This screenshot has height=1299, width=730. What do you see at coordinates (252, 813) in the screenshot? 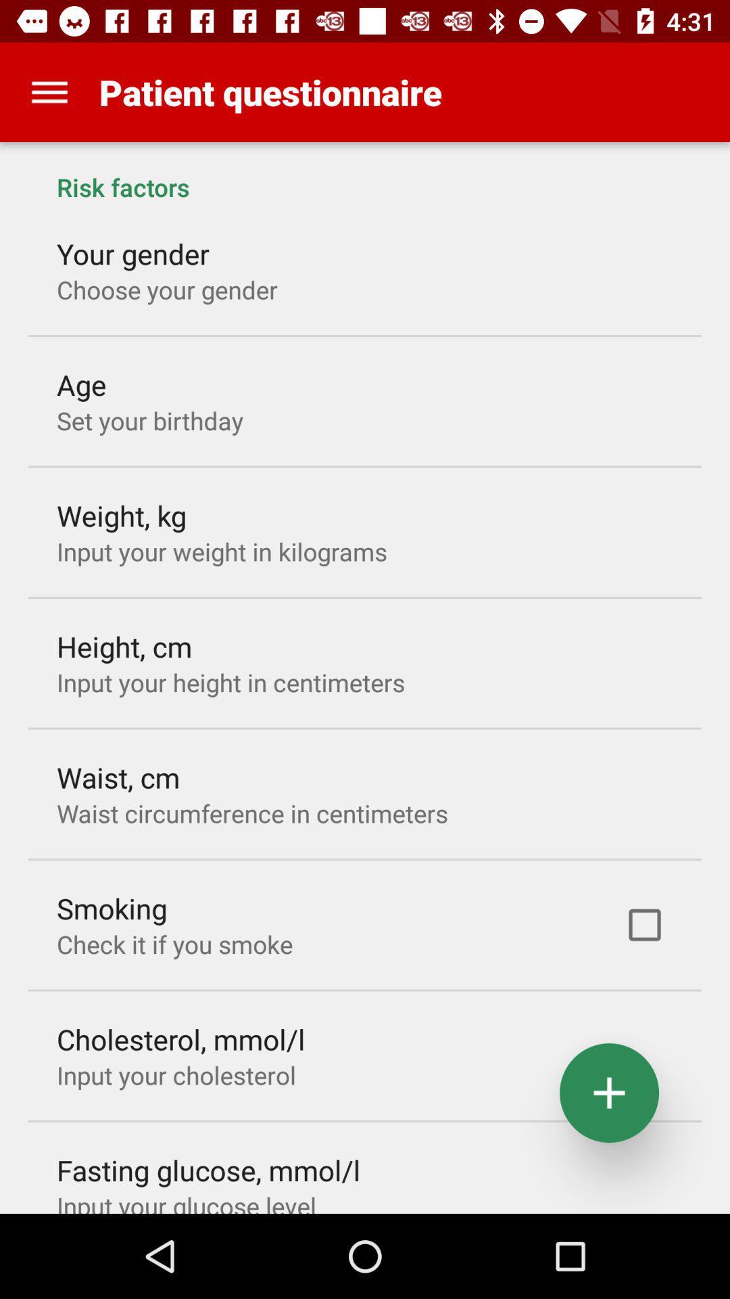
I see `item above the smoking` at bounding box center [252, 813].